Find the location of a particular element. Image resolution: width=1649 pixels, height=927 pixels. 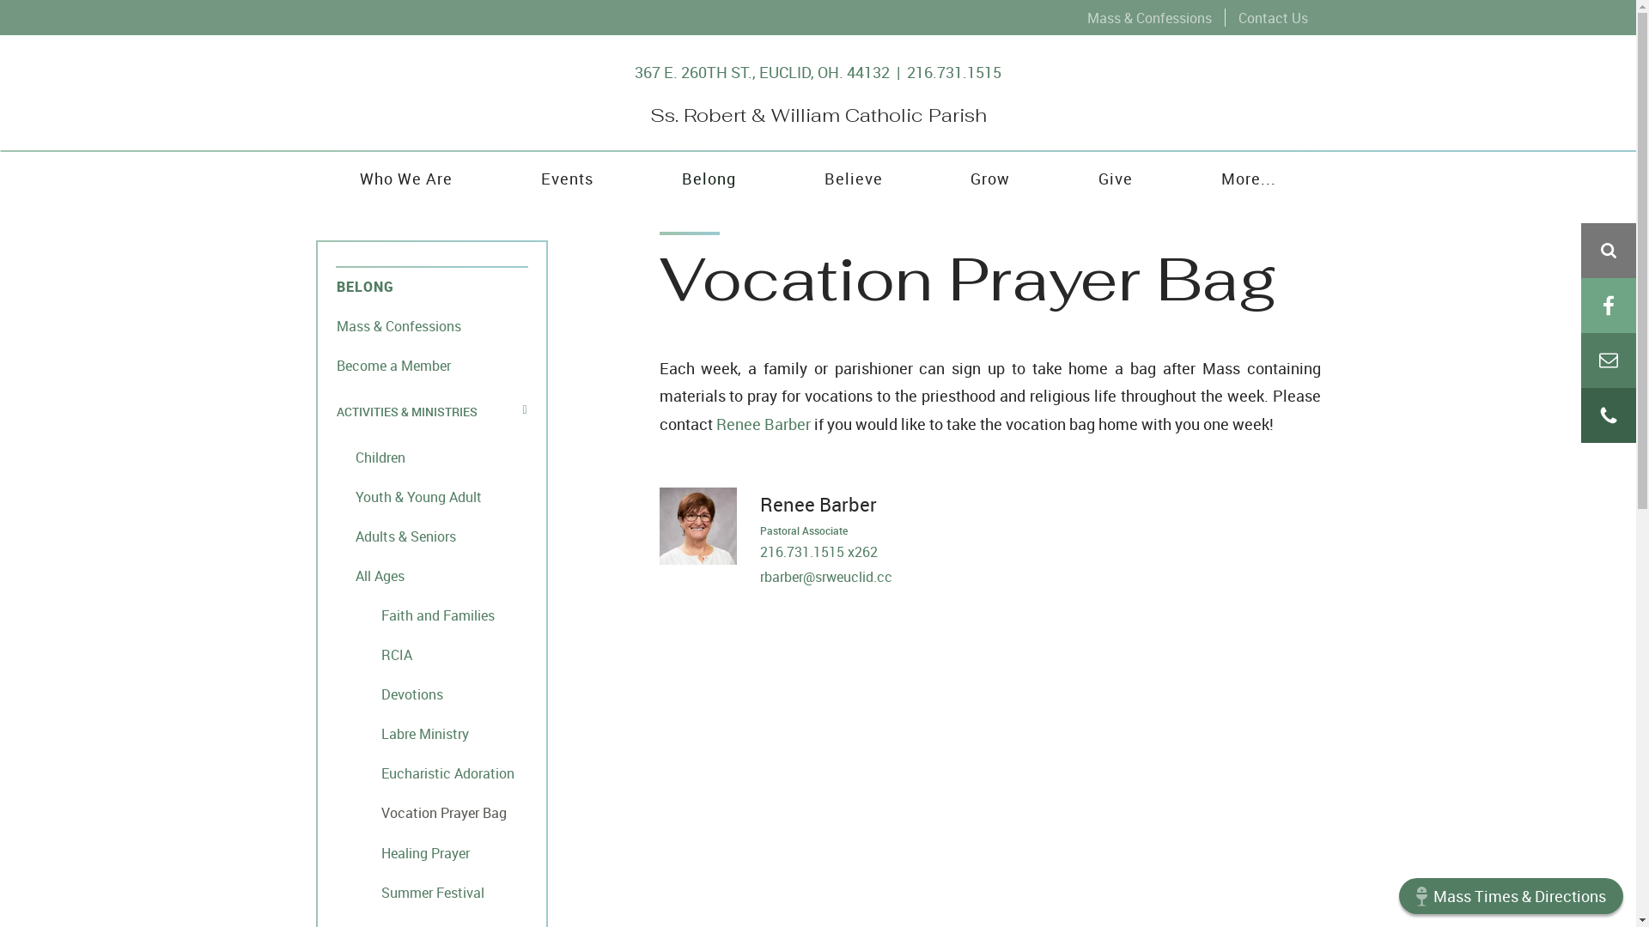

'Contact Us' is located at coordinates (1272, 17).